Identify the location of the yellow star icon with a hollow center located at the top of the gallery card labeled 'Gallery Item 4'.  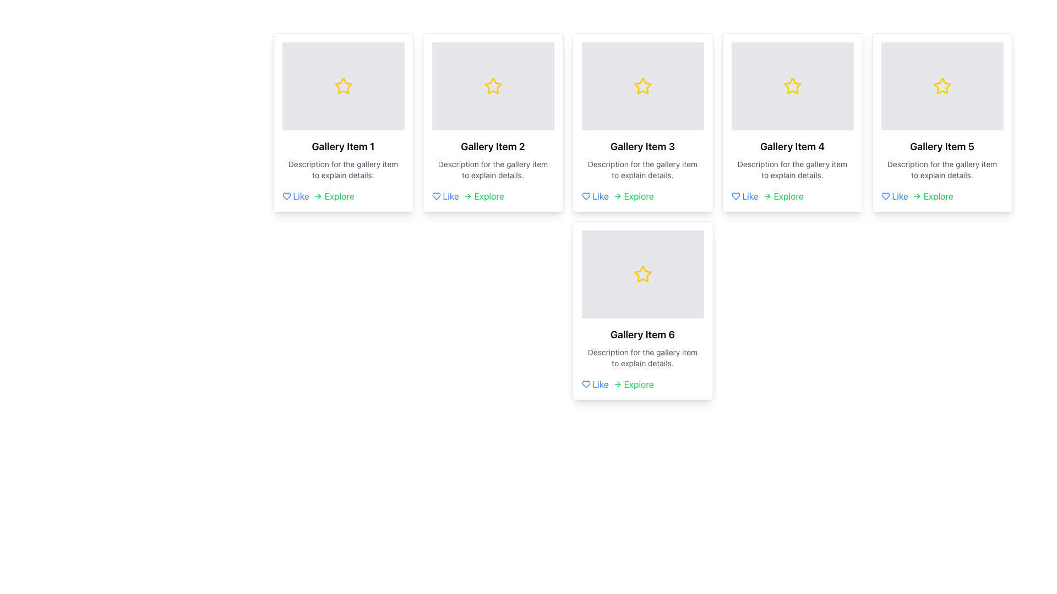
(792, 85).